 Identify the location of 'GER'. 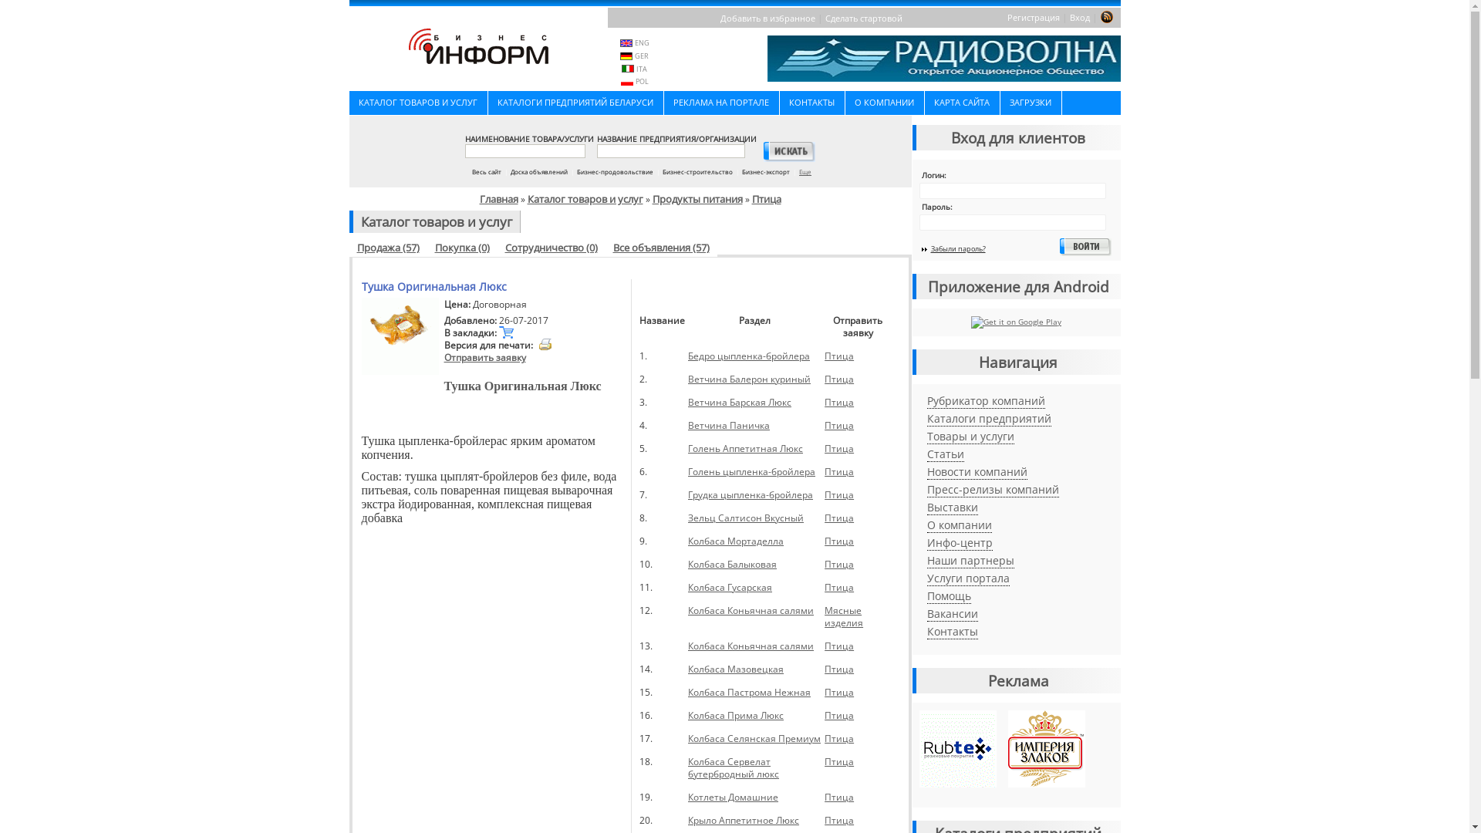
(641, 55).